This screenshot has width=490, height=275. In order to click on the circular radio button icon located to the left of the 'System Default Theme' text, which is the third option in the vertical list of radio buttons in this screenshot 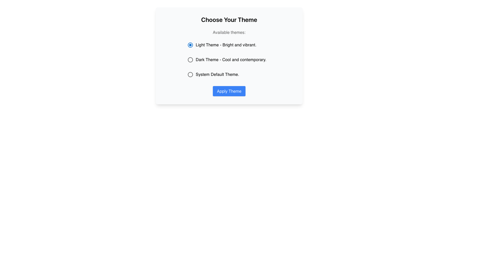, I will do `click(190, 75)`.